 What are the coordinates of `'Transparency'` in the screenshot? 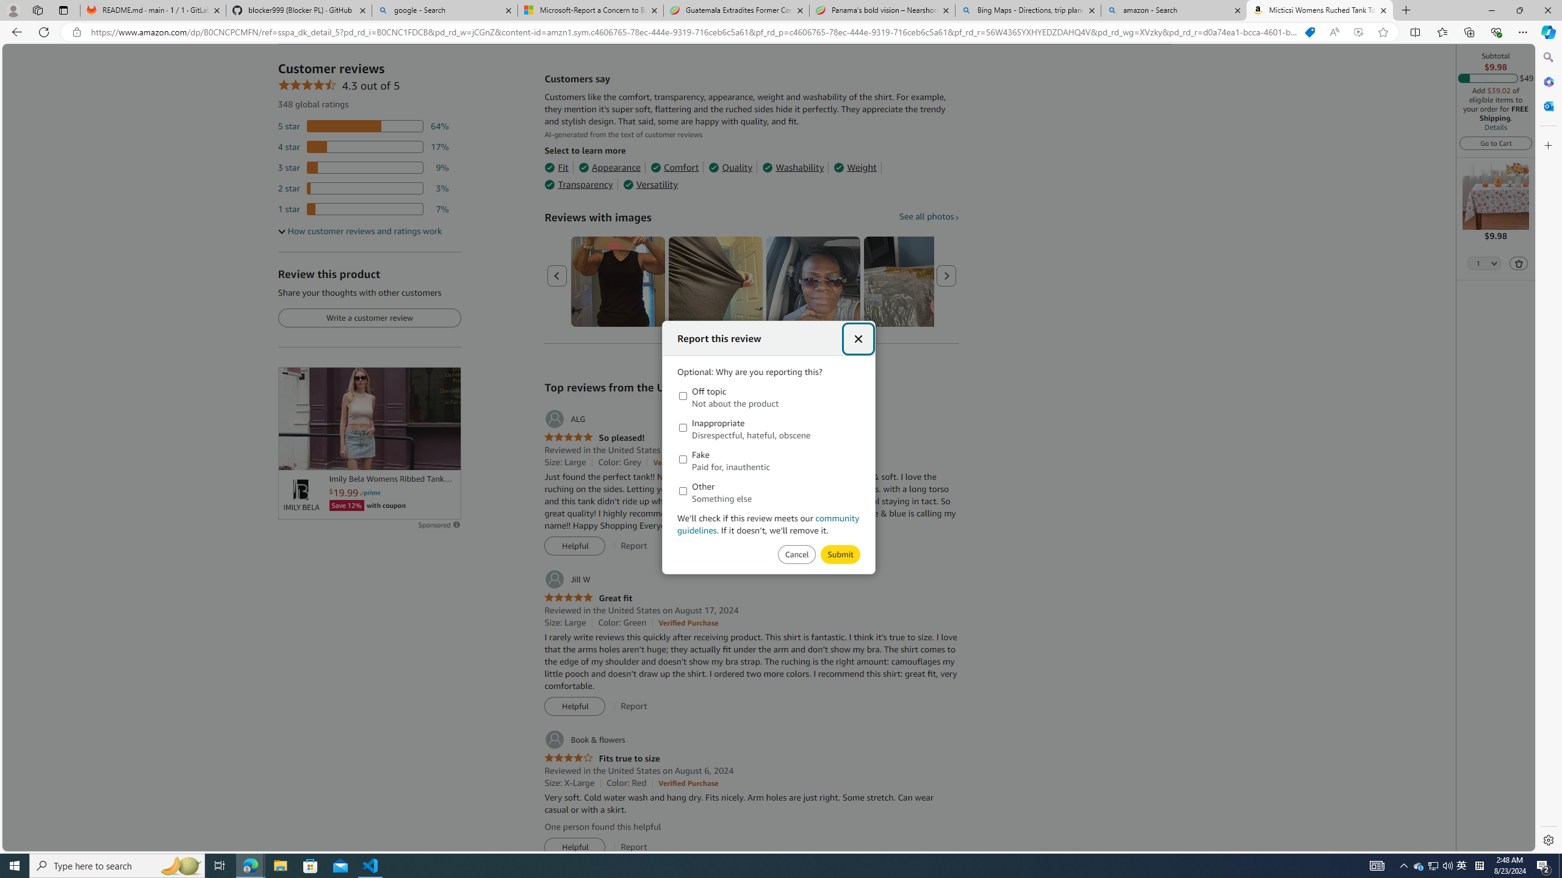 It's located at (578, 184).